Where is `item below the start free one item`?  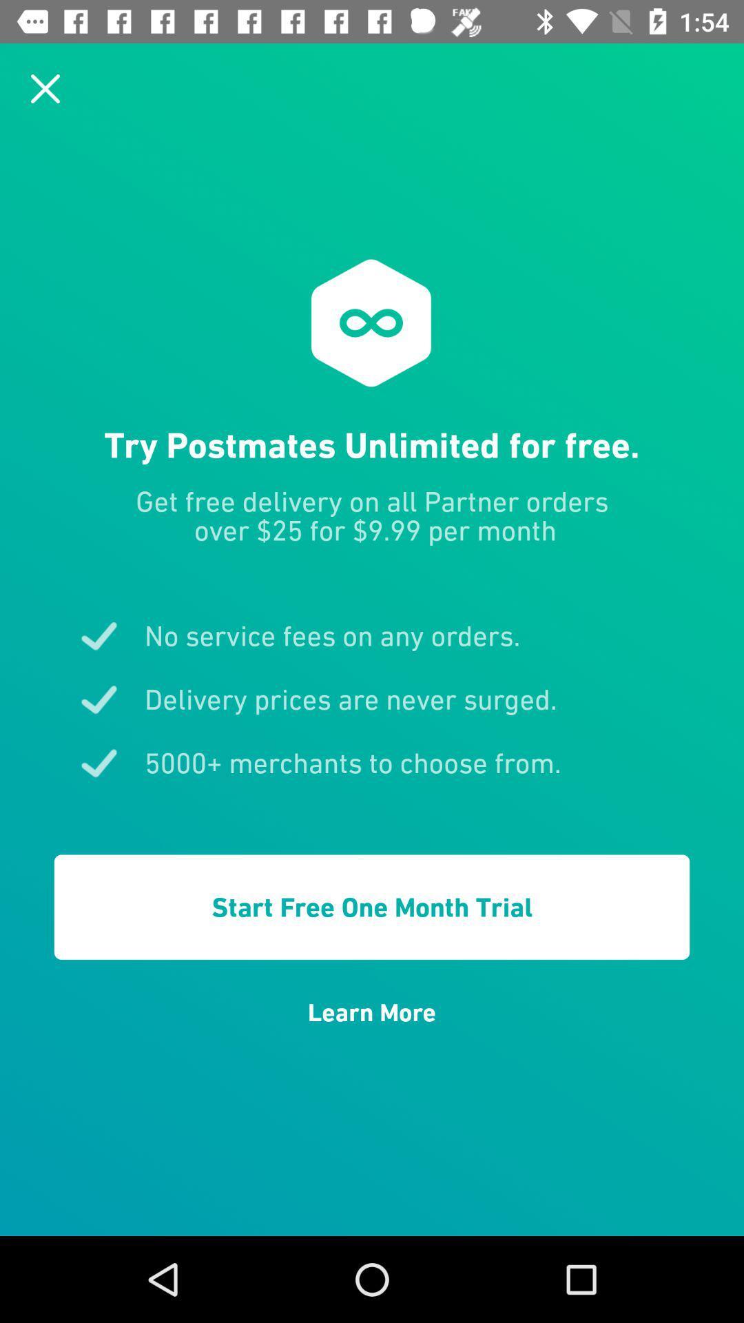
item below the start free one item is located at coordinates (372, 1012).